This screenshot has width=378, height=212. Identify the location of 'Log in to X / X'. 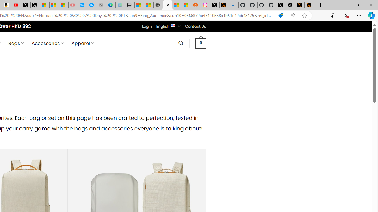
(214, 5).